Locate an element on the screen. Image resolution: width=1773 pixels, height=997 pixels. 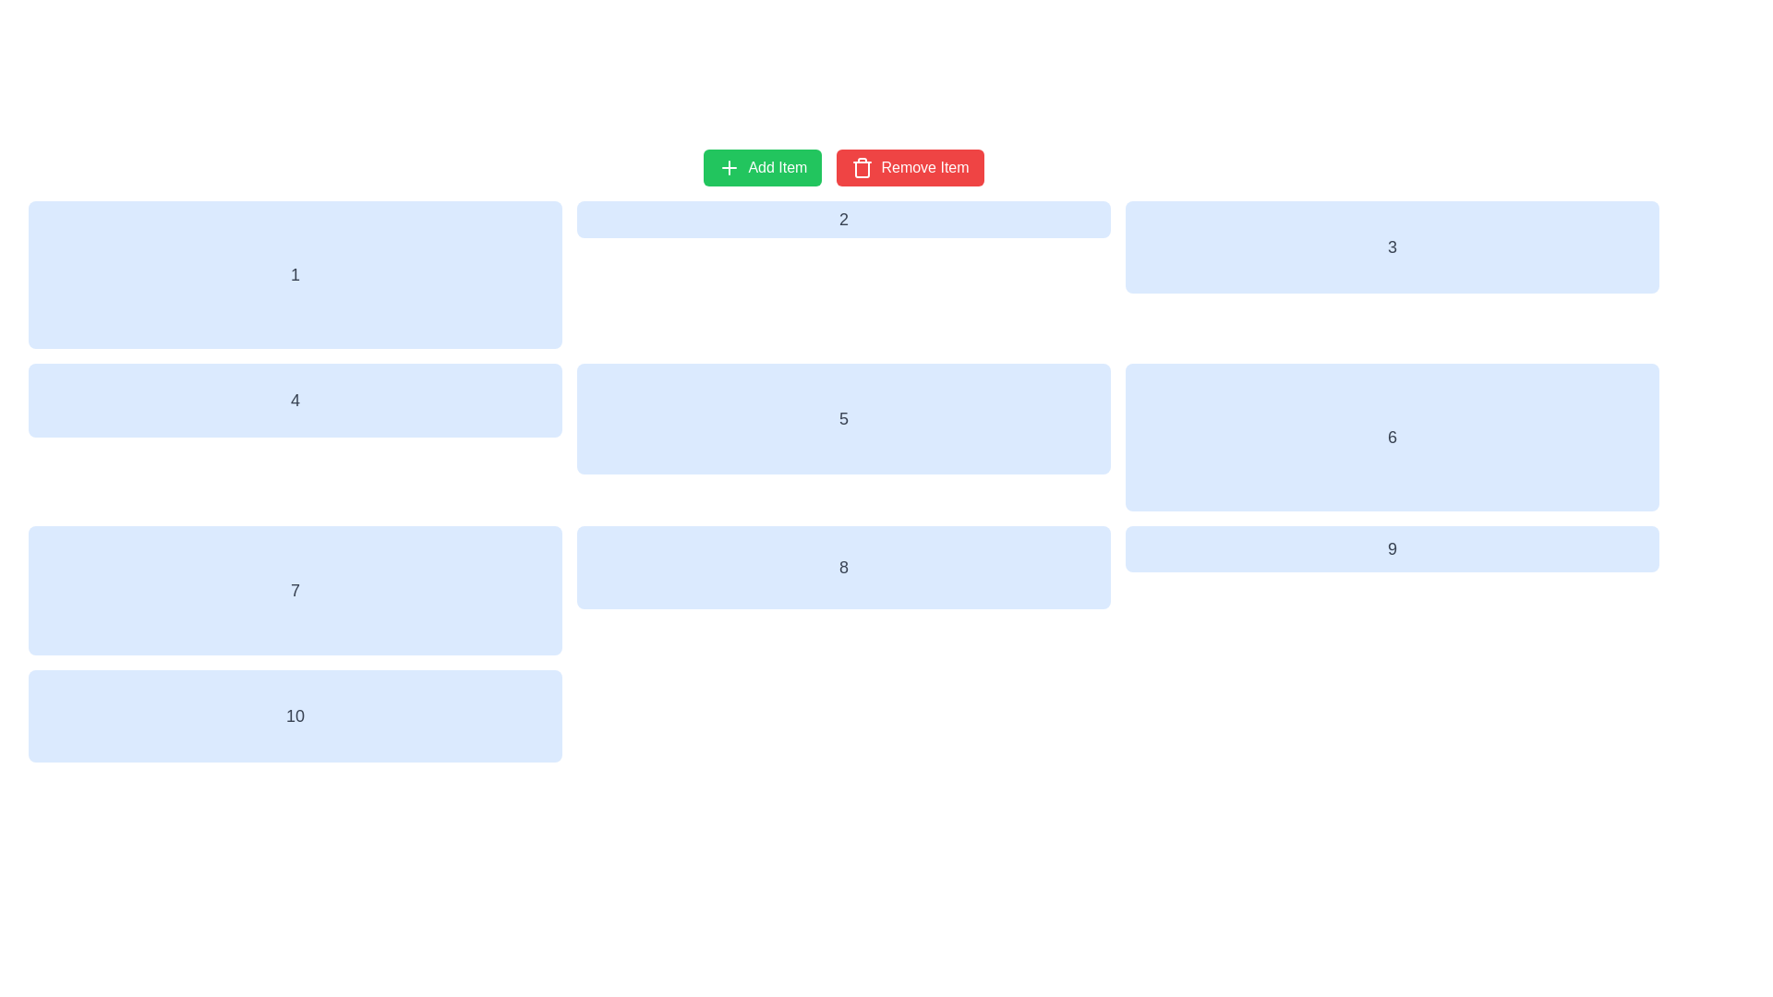
the green 'Add Item' button featuring a '+' icon is located at coordinates (763, 167).